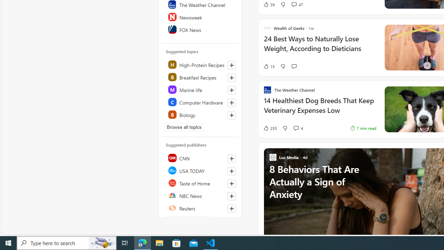  Describe the element at coordinates (268, 4) in the screenshot. I see `'39 Like'` at that location.